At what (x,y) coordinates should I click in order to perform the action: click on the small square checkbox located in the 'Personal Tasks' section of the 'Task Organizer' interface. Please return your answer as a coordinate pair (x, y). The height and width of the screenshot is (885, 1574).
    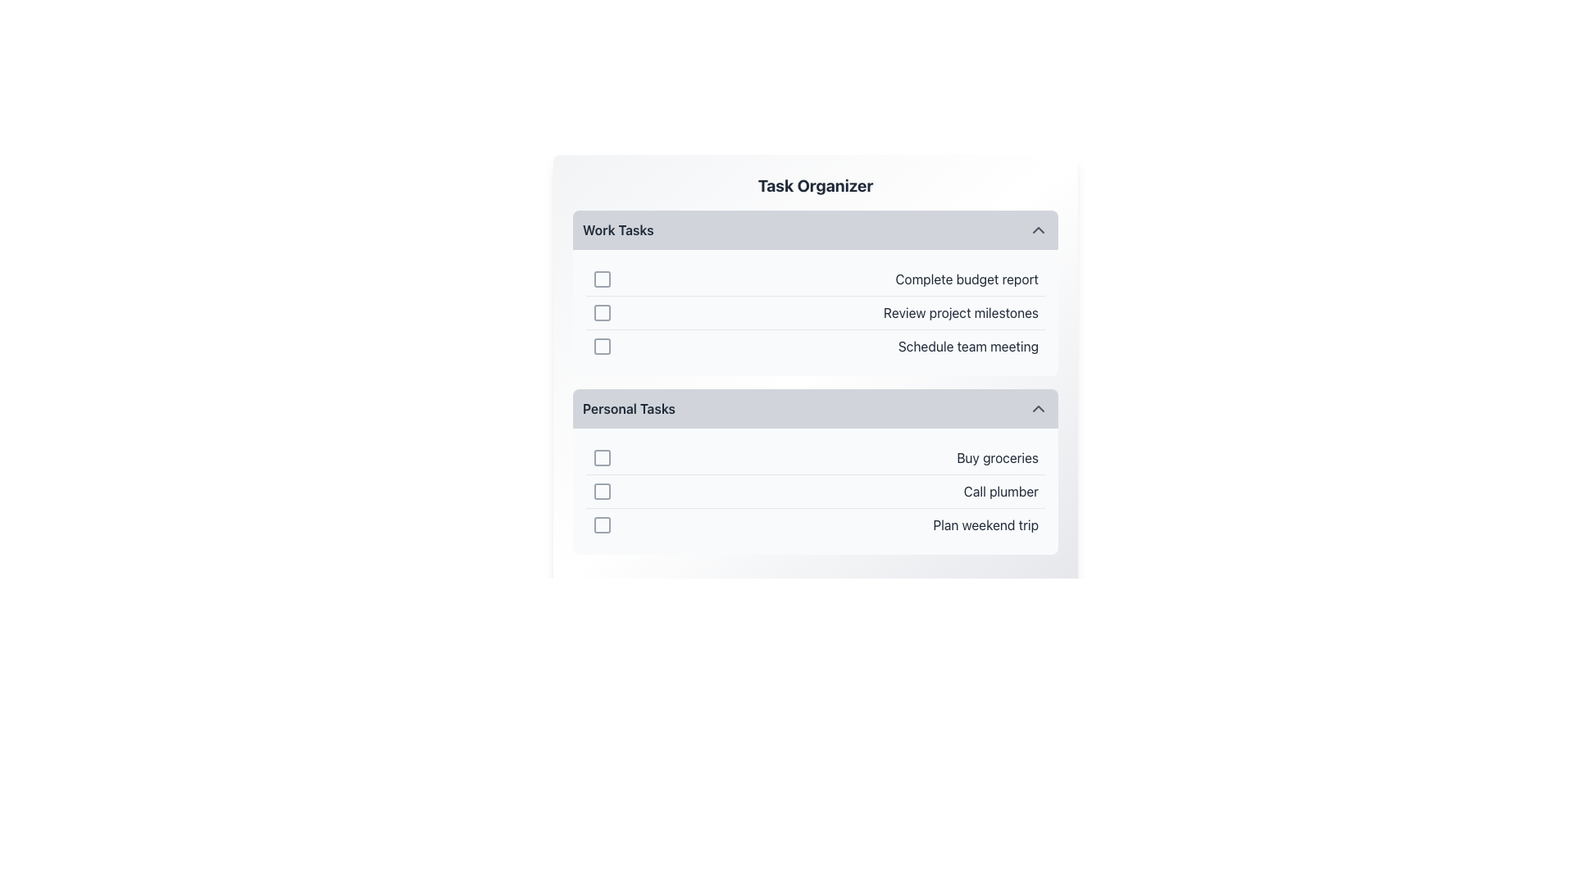
    Looking at the image, I should click on (601, 524).